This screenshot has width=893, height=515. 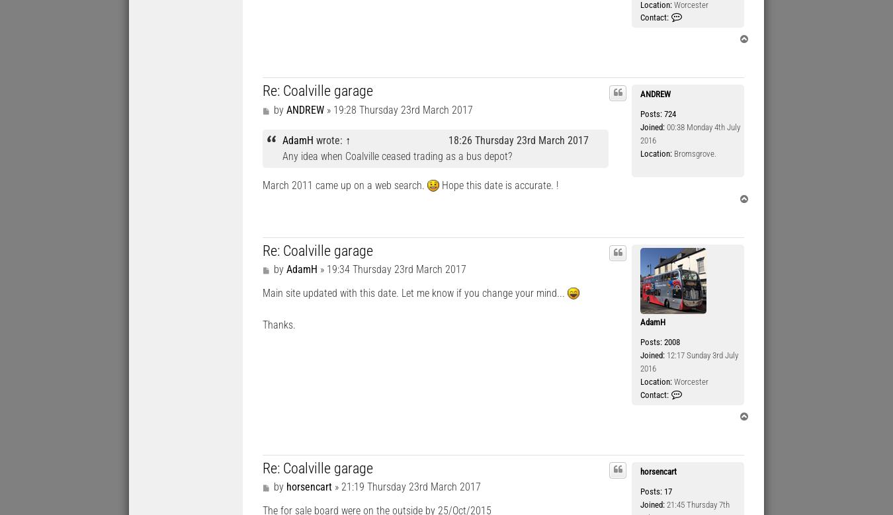 I want to click on 'Thanks.', so click(x=279, y=325).